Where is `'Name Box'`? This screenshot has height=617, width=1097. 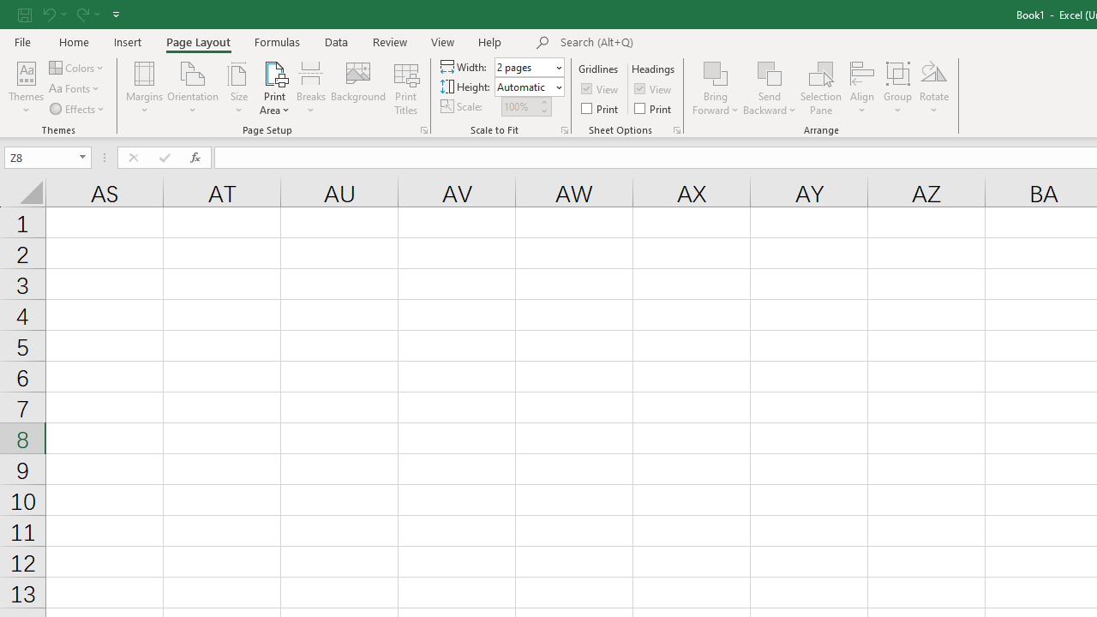 'Name Box' is located at coordinates (40, 157).